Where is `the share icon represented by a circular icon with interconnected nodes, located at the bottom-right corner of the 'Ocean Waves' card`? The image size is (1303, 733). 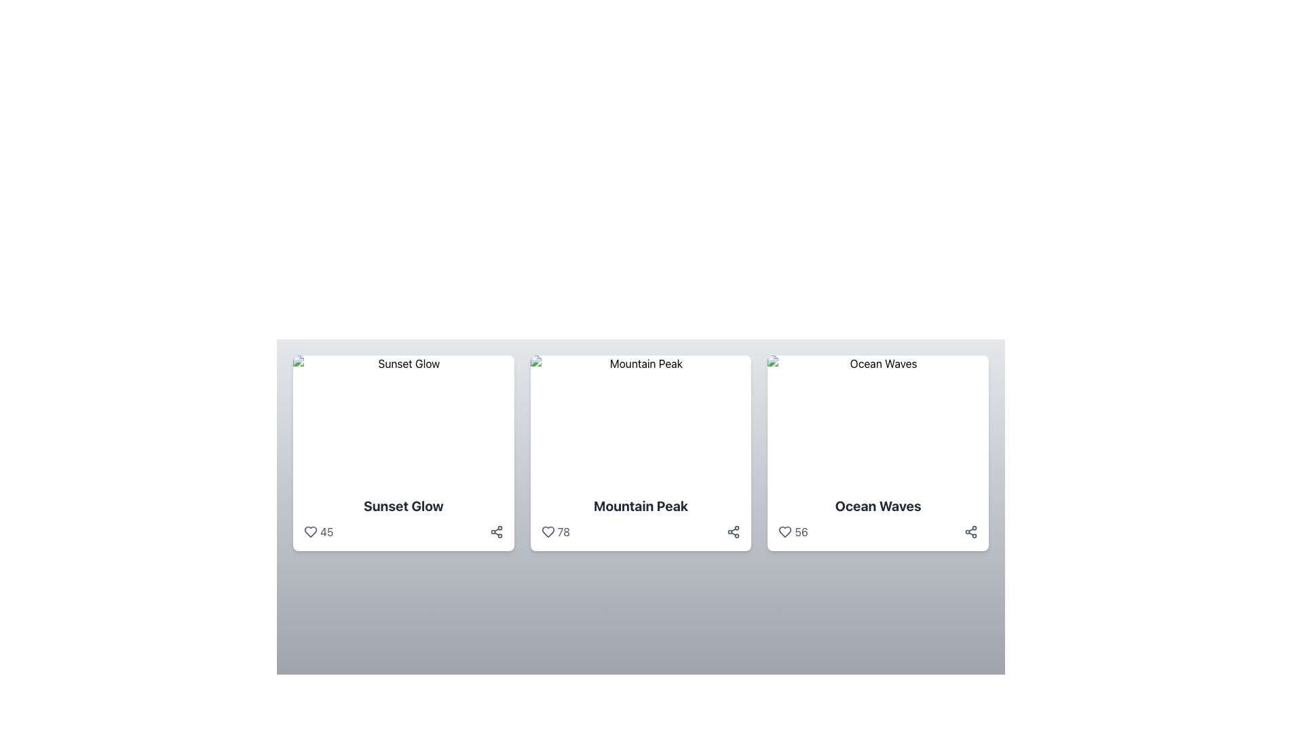
the share icon represented by a circular icon with interconnected nodes, located at the bottom-right corner of the 'Ocean Waves' card is located at coordinates (970, 531).